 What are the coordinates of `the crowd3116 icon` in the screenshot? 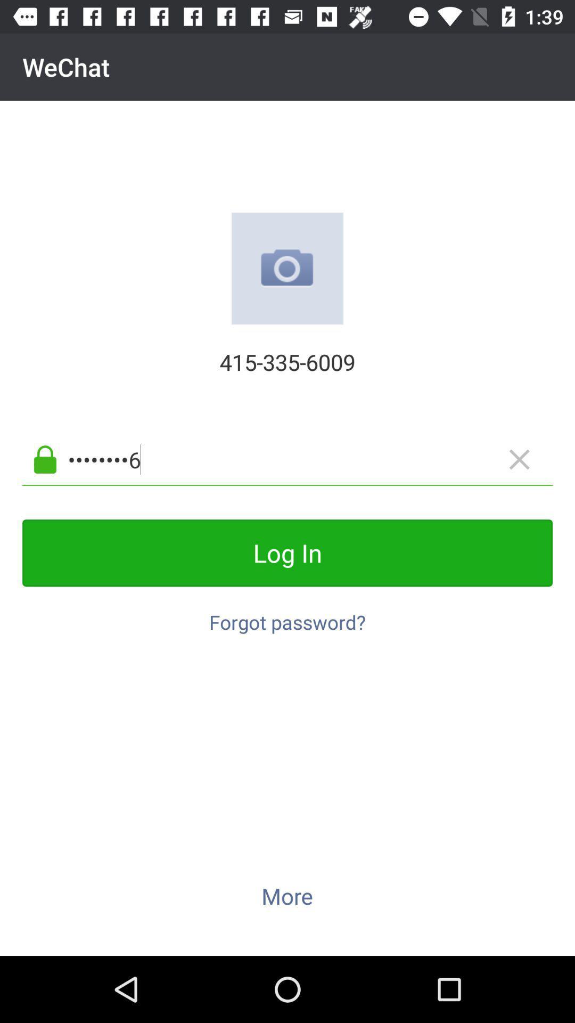 It's located at (305, 459).